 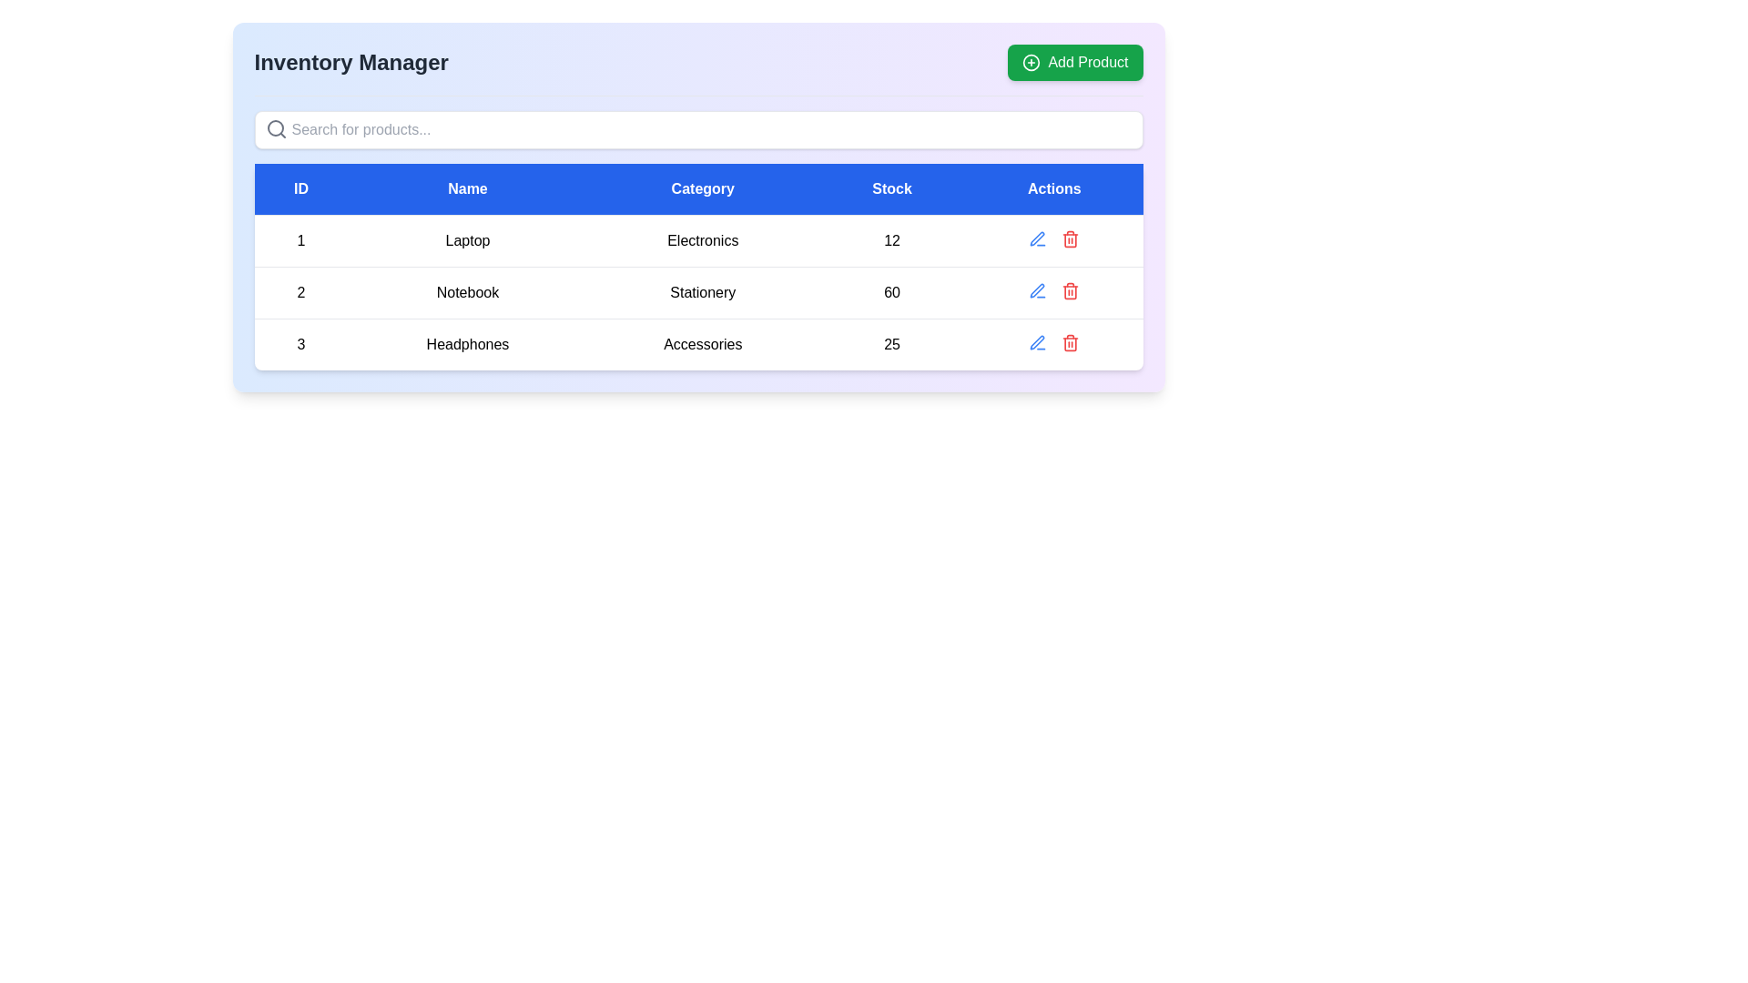 What do you see at coordinates (1038, 238) in the screenshot?
I see `the edit button in the 'Actions' column of the second row of the table` at bounding box center [1038, 238].